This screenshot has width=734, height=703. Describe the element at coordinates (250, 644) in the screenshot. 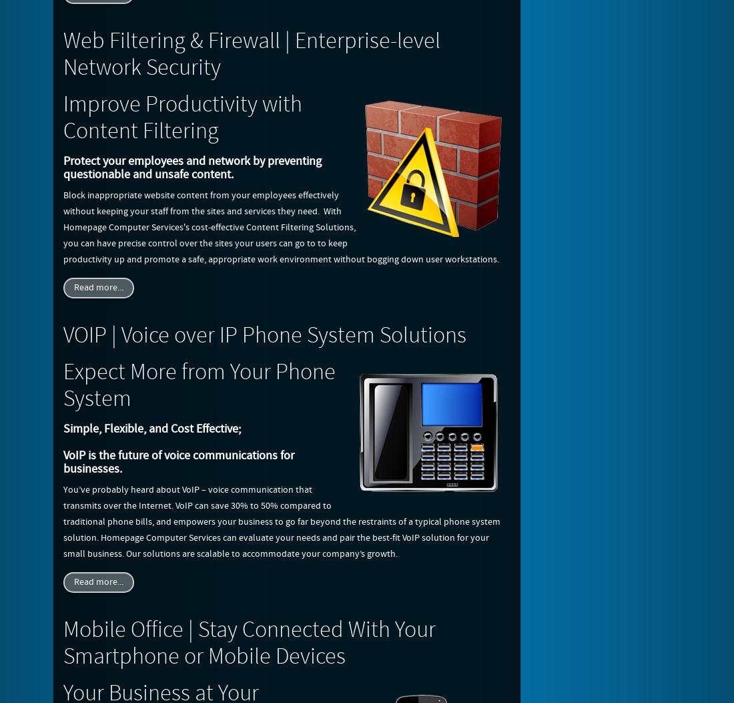

I see `'Mobile Office | Stay Connected With Your Smartphone or Mobile Devices'` at that location.